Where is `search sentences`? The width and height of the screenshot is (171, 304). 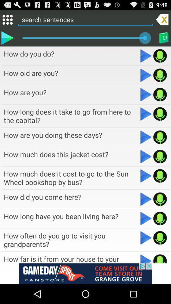
search sentences is located at coordinates (85, 19).